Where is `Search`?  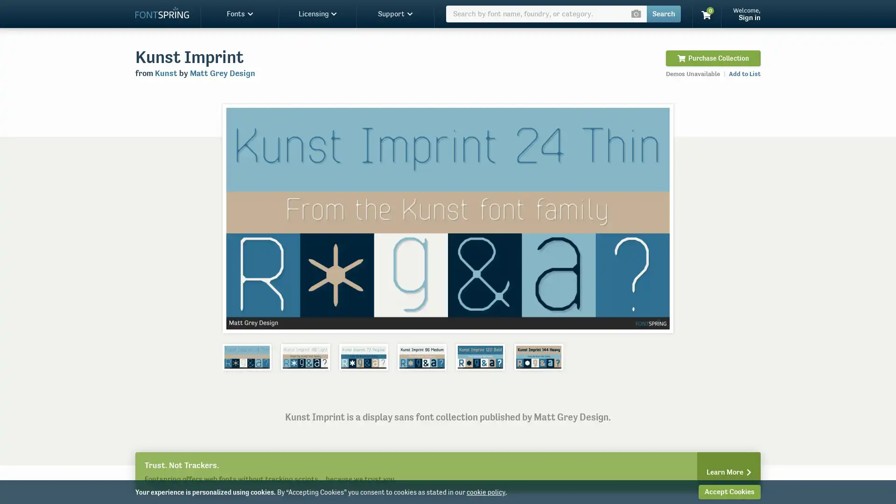
Search is located at coordinates (663, 14).